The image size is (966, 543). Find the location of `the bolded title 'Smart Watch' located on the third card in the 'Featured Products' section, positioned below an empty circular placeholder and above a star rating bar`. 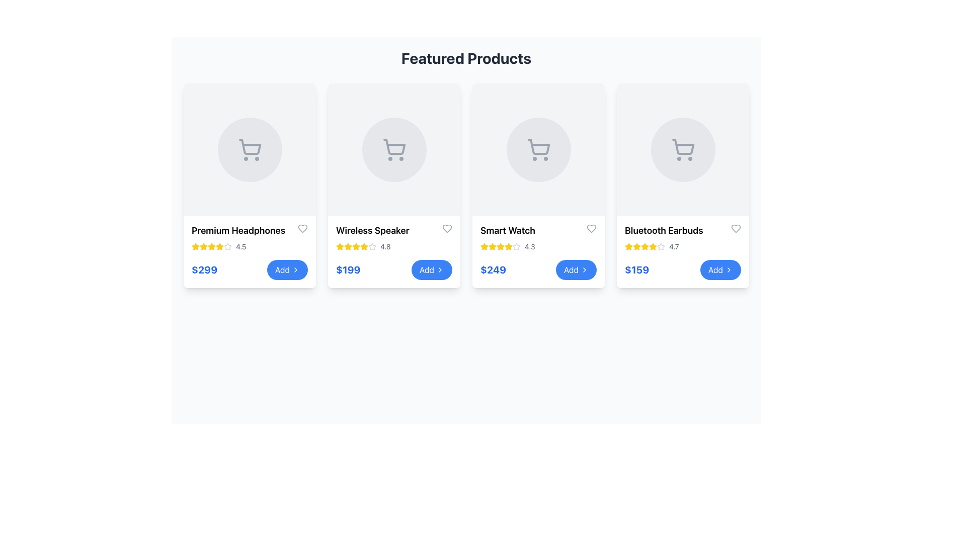

the bolded title 'Smart Watch' located on the third card in the 'Featured Products' section, positioned below an empty circular placeholder and above a star rating bar is located at coordinates (508, 231).